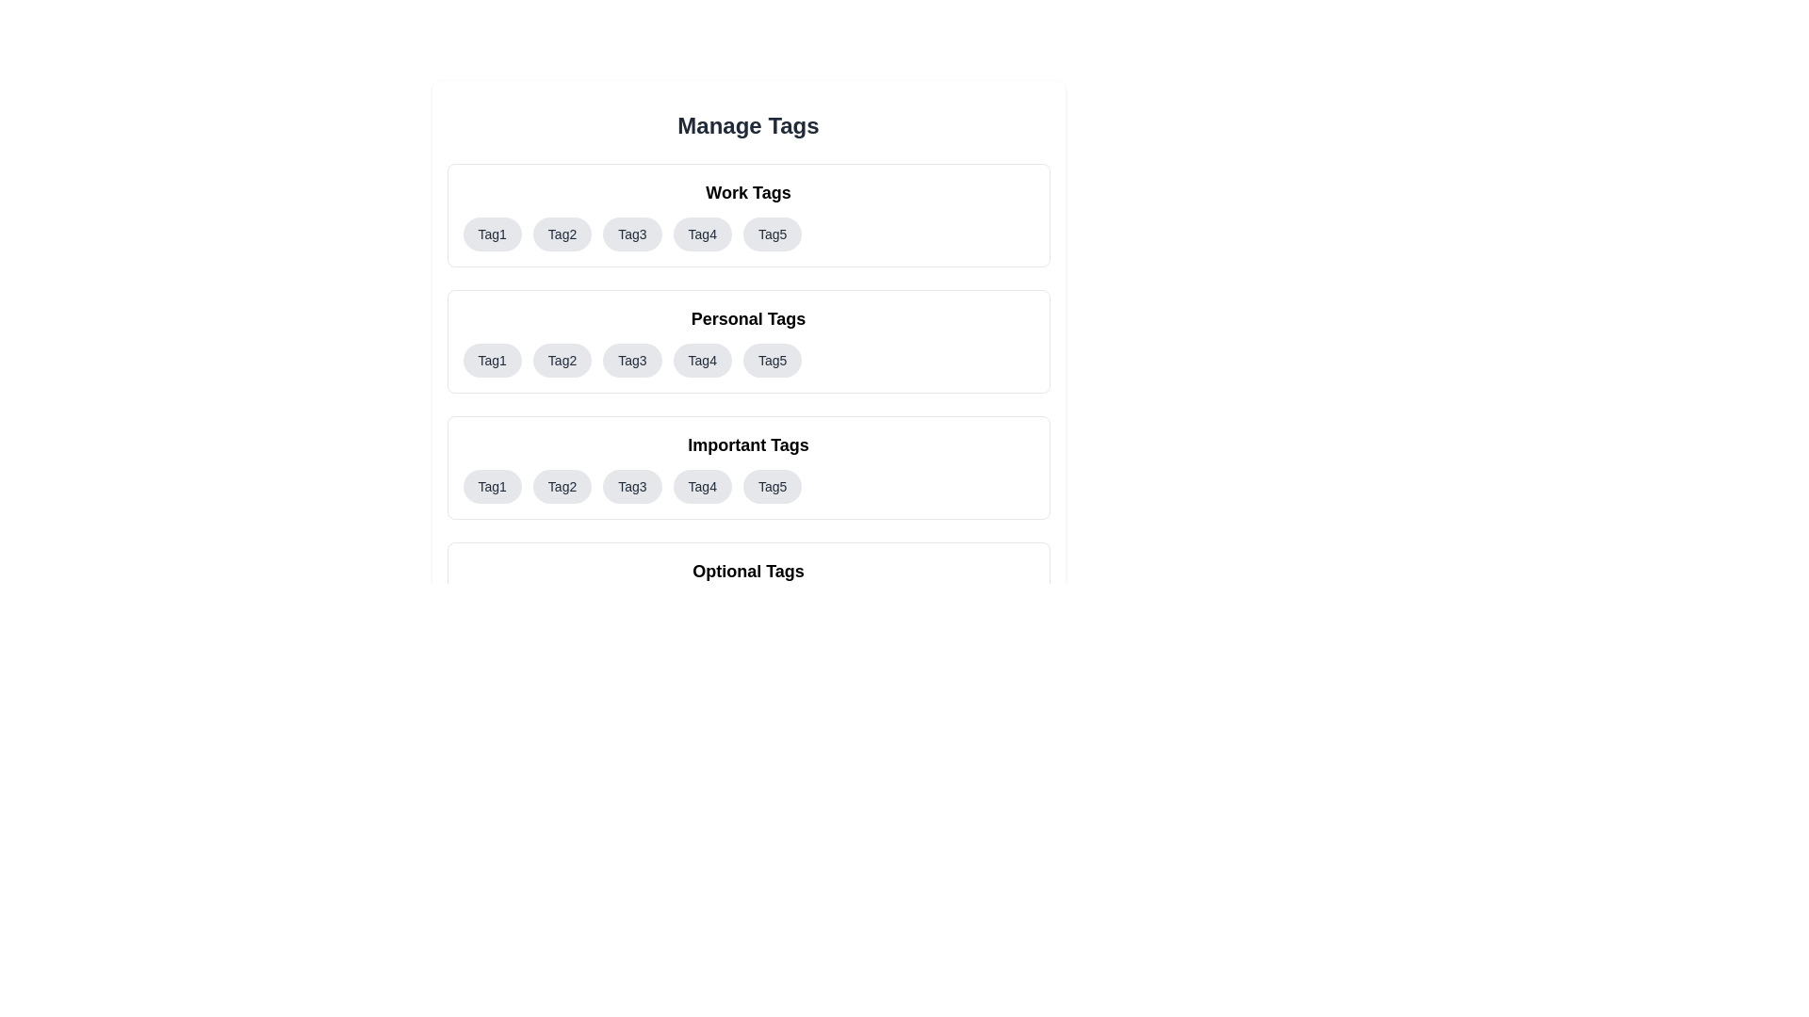 This screenshot has width=1809, height=1017. What do you see at coordinates (701, 234) in the screenshot?
I see `the fourth button labeled 'Tag4' in the 'Work Tags' section under the 'Manage Tags' header to interact with it` at bounding box center [701, 234].